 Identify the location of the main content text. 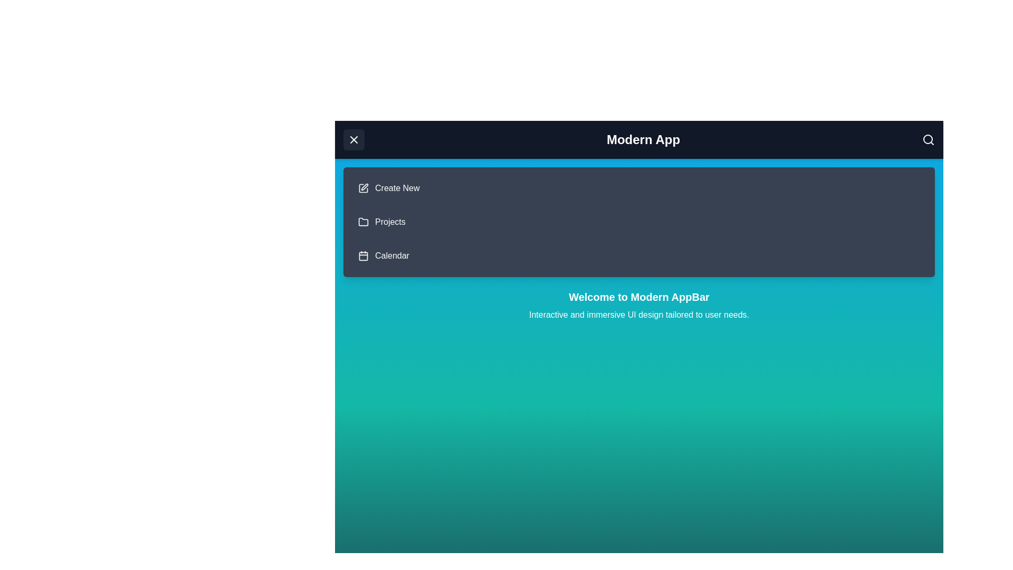
(638, 305).